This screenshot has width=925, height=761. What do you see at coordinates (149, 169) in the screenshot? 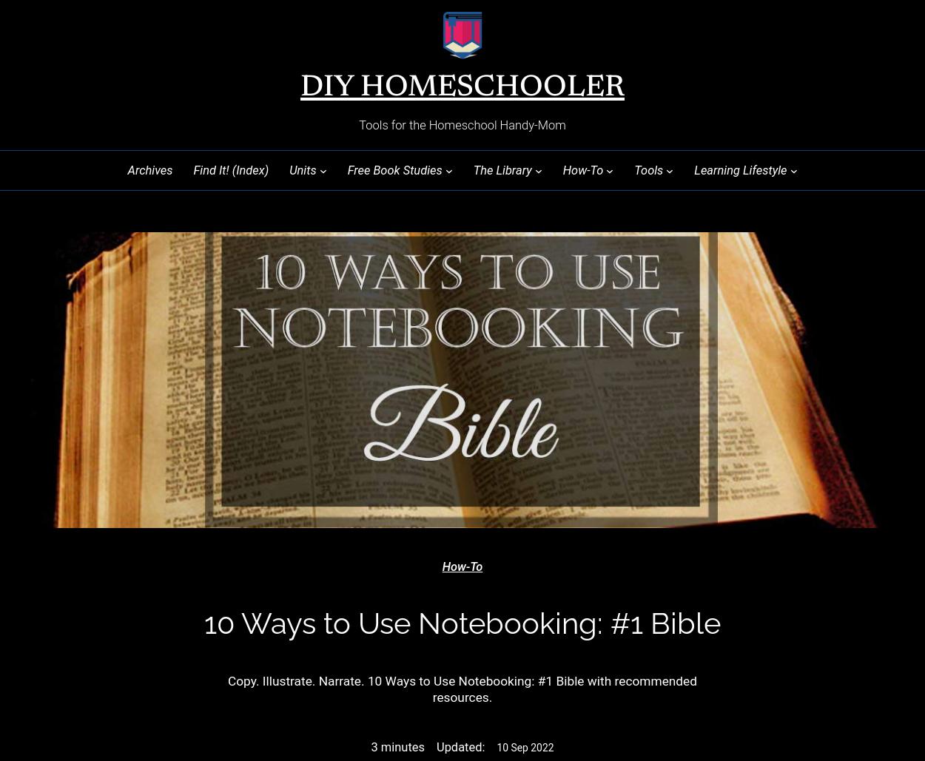
I see `'Archives'` at bounding box center [149, 169].